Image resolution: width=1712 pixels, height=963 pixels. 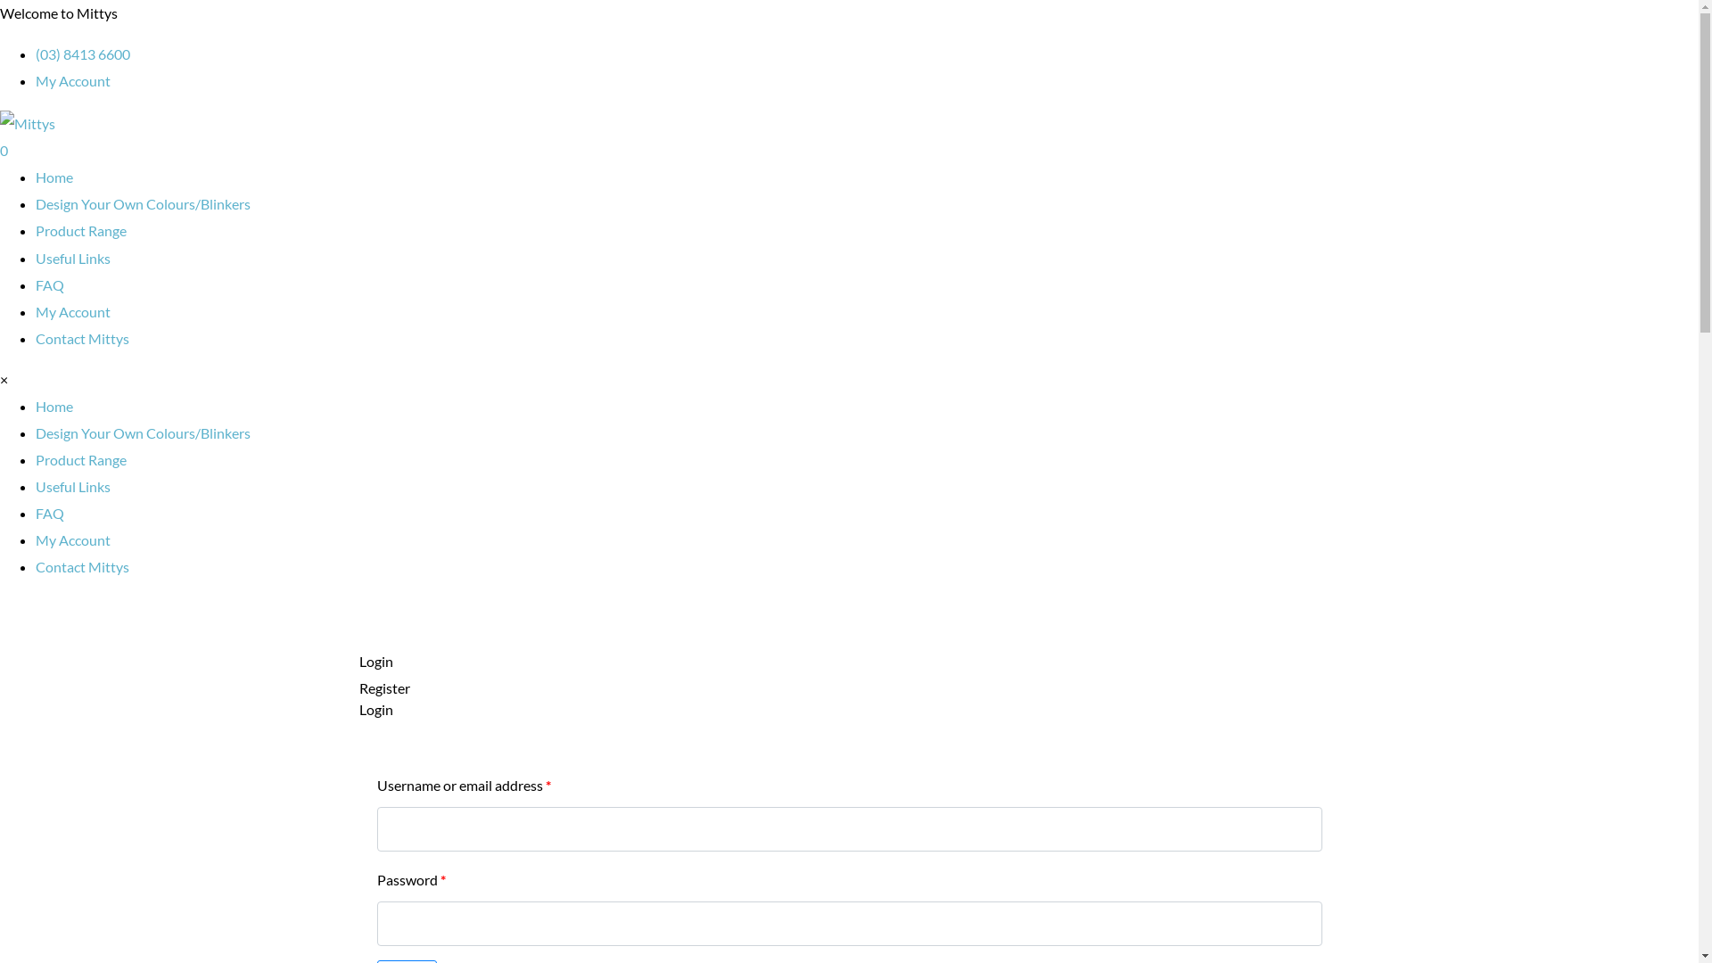 I want to click on 'Contact Mittys', so click(x=81, y=338).